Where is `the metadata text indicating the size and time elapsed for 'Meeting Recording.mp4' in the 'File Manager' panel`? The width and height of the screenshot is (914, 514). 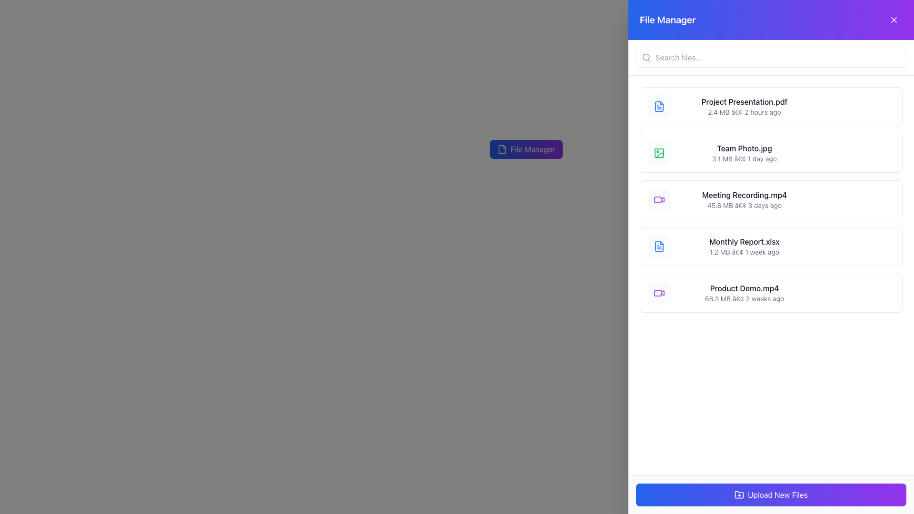
the metadata text indicating the size and time elapsed for 'Meeting Recording.mp4' in the 'File Manager' panel is located at coordinates (744, 205).